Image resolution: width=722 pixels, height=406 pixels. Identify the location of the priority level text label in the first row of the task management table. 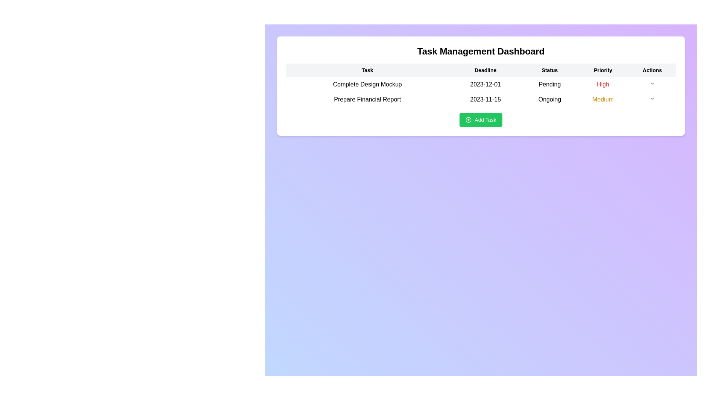
(603, 84).